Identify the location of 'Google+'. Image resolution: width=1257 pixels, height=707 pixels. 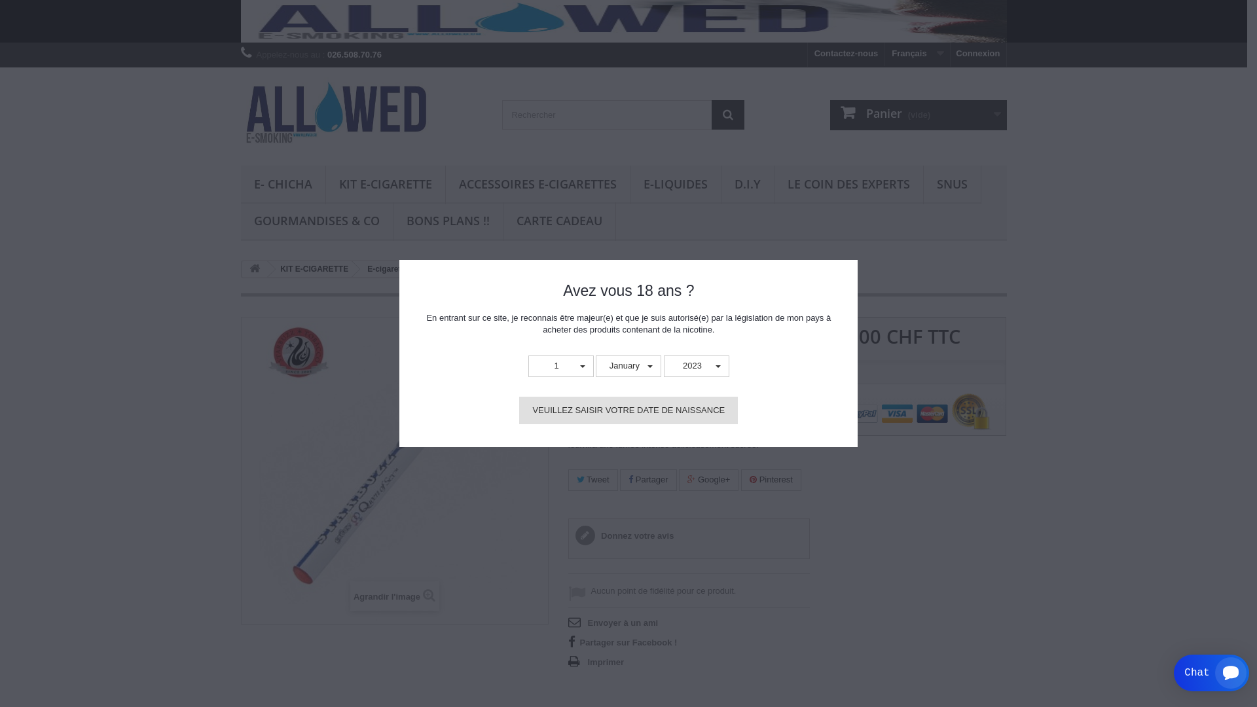
(708, 480).